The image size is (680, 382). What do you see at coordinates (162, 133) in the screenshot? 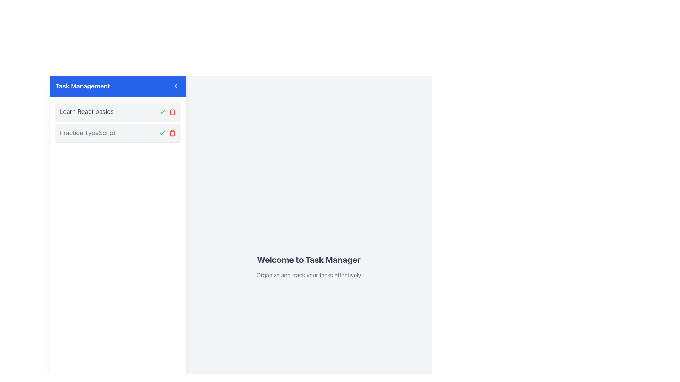
I see `the green checkmark button located to the right of the 'Practice TypeScript' task text in the second task row of the 'Task Management' section` at bounding box center [162, 133].